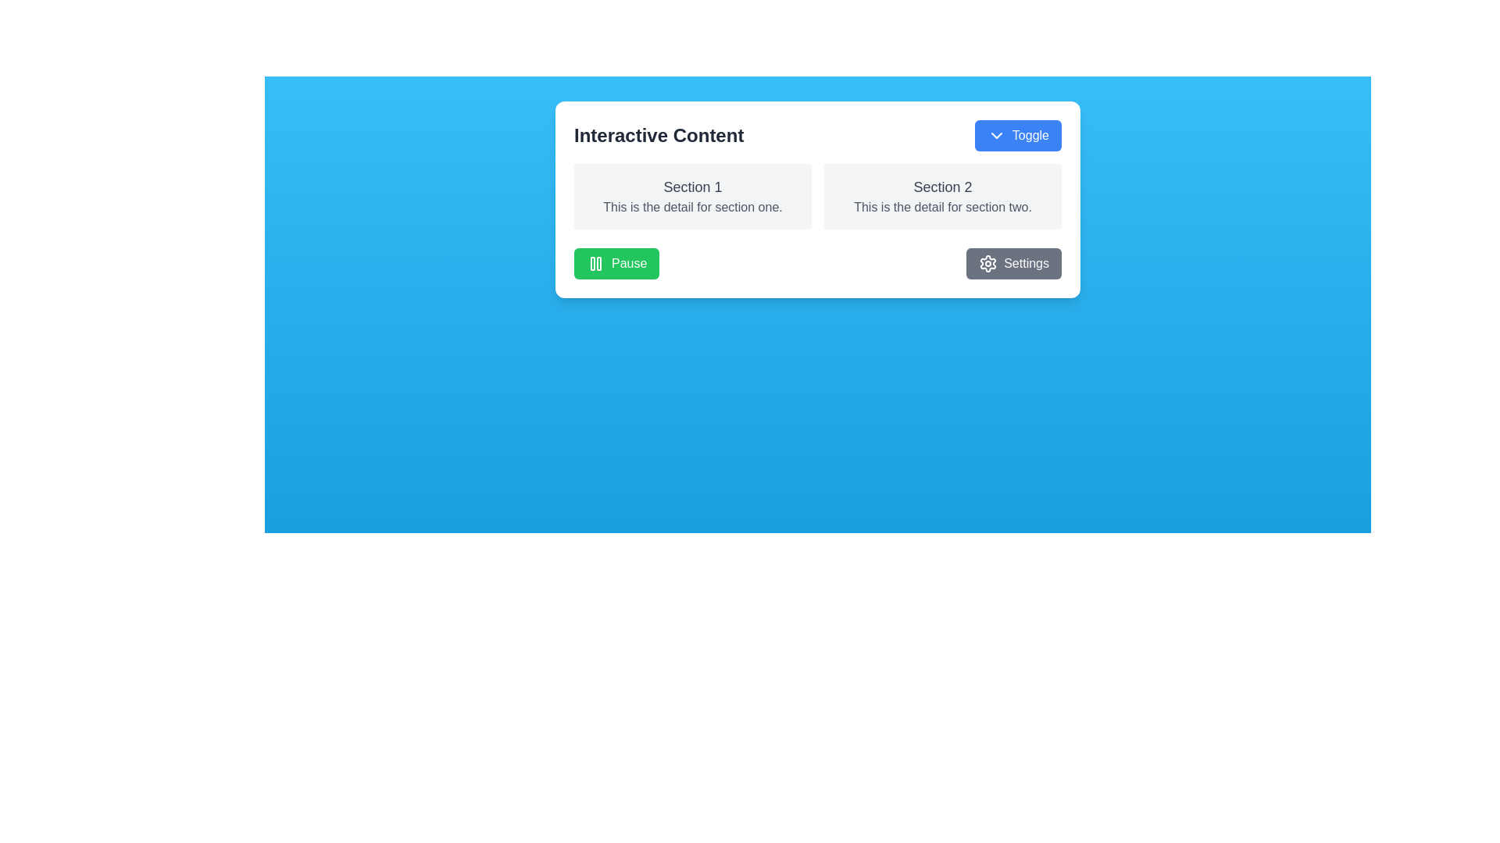 This screenshot has width=1500, height=843. Describe the element at coordinates (598, 263) in the screenshot. I see `right vertical green bar of the 'Pause' icon, which is part of the SVG component representing the button's pause functionality` at that location.